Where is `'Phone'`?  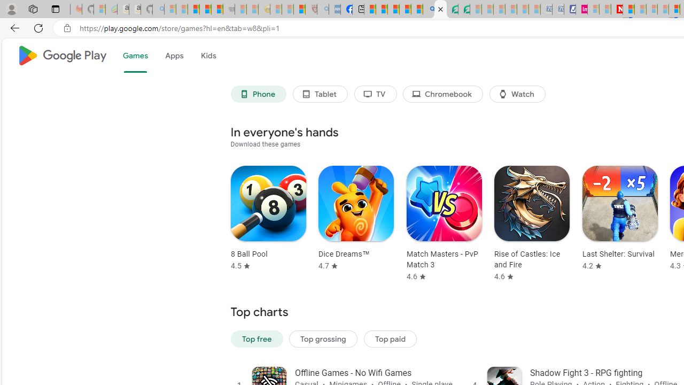
'Phone' is located at coordinates (258, 94).